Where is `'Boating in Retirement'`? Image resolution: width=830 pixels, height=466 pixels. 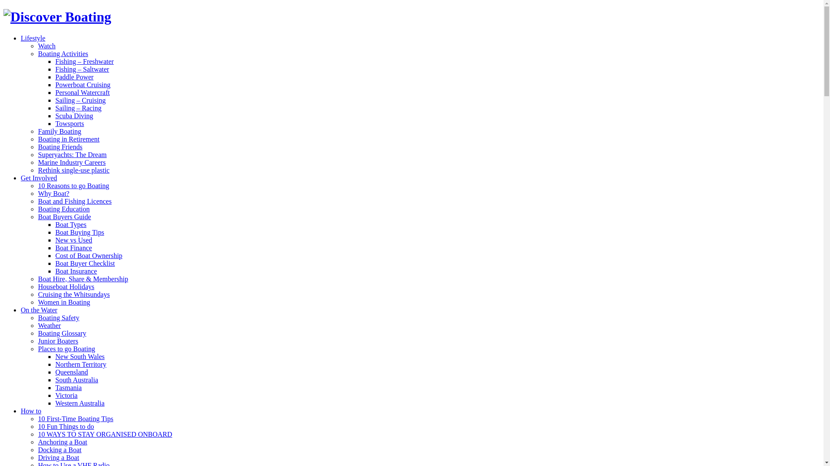 'Boating in Retirement' is located at coordinates (68, 139).